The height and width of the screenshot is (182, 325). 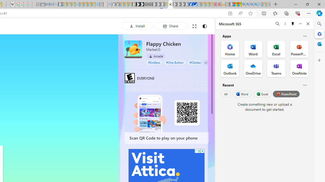 I want to click on '#Endless', so click(x=154, y=62).